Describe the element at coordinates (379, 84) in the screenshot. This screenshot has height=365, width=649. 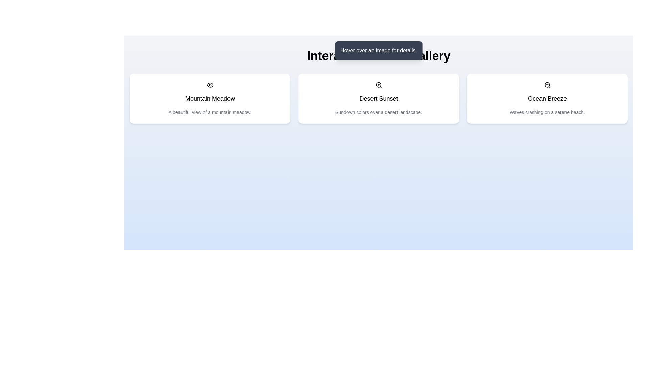
I see `the zoom-in icon located at the top-center of the card containing 'Desert Sunset'` at that location.